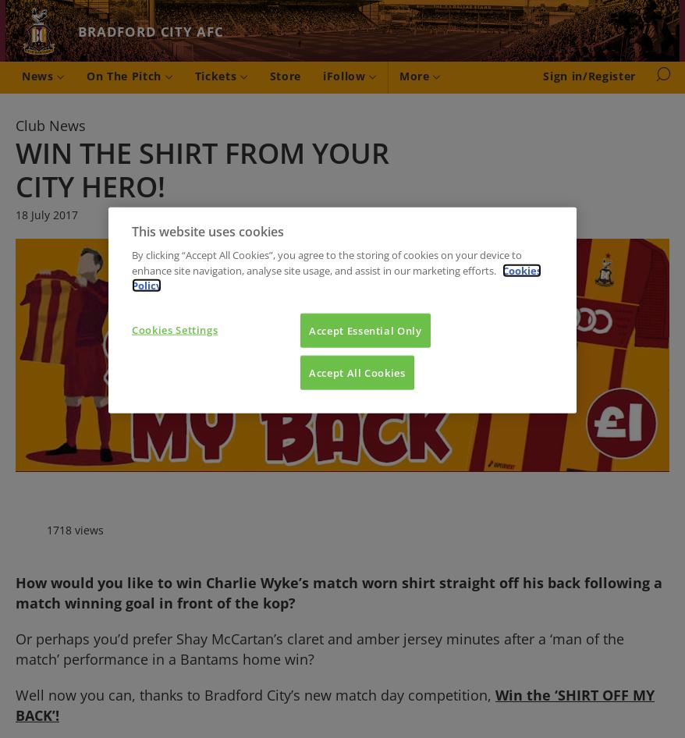  I want to click on 'Sign in/Register', so click(589, 74).